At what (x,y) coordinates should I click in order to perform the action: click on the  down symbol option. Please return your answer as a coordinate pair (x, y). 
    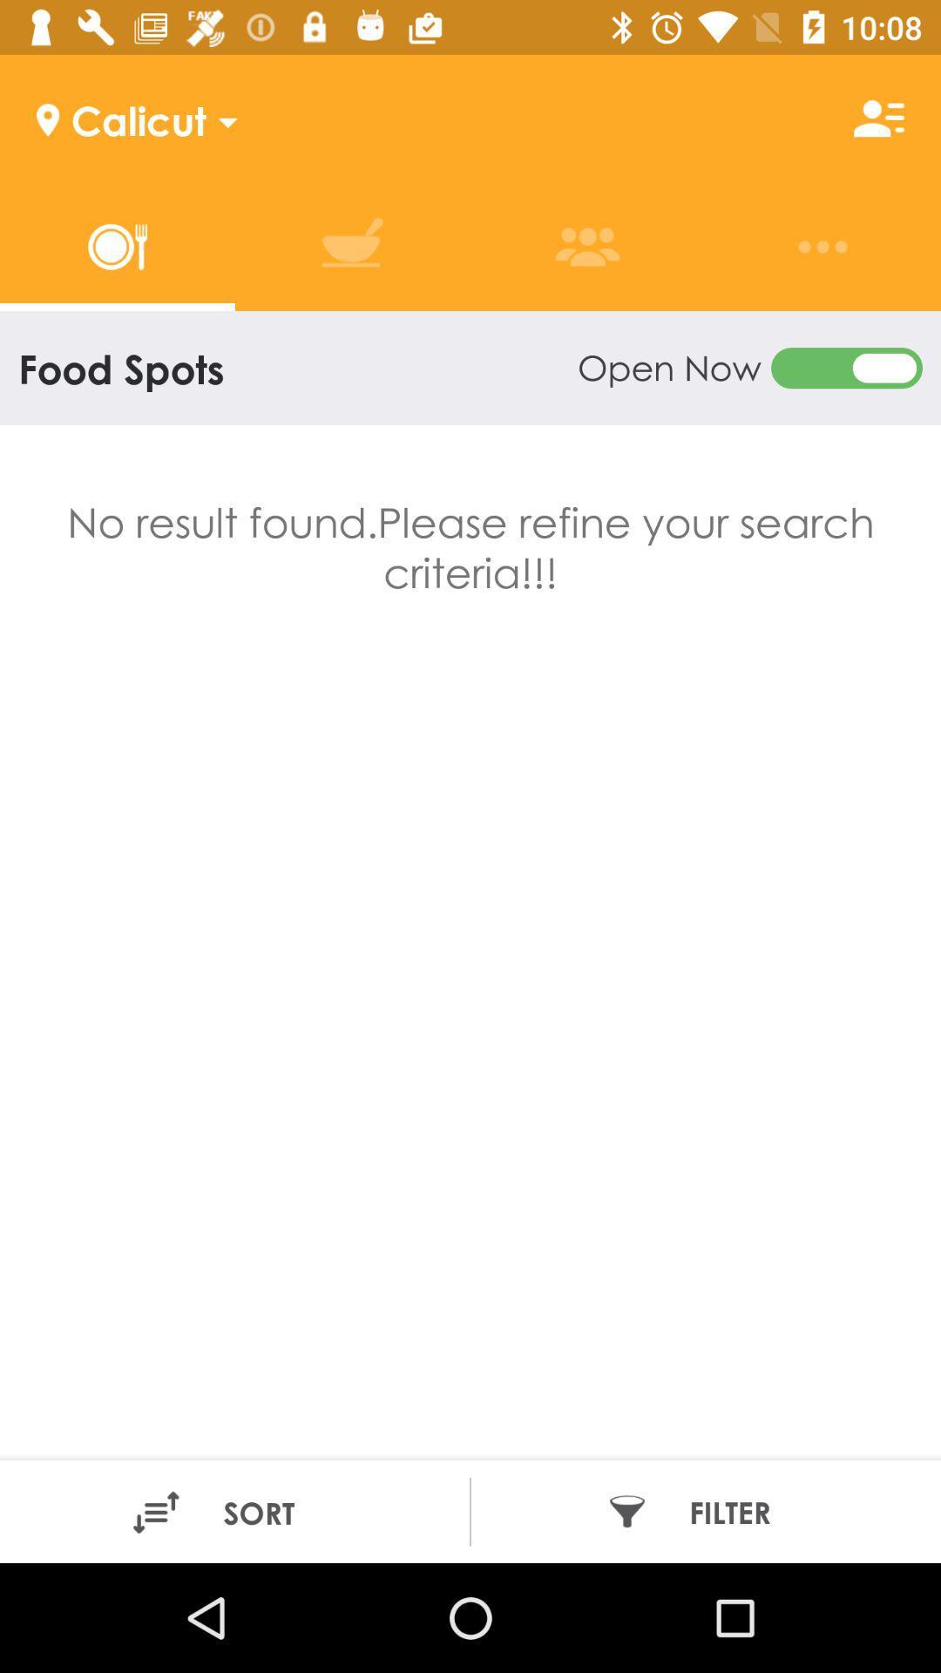
    Looking at the image, I should click on (220, 117).